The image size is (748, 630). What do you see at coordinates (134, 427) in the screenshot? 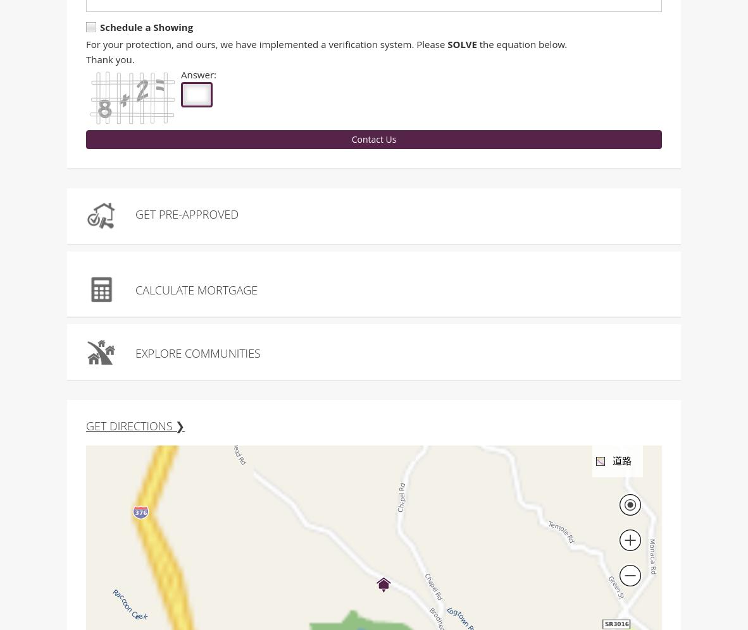
I see `'Get Directions ❯'` at bounding box center [134, 427].